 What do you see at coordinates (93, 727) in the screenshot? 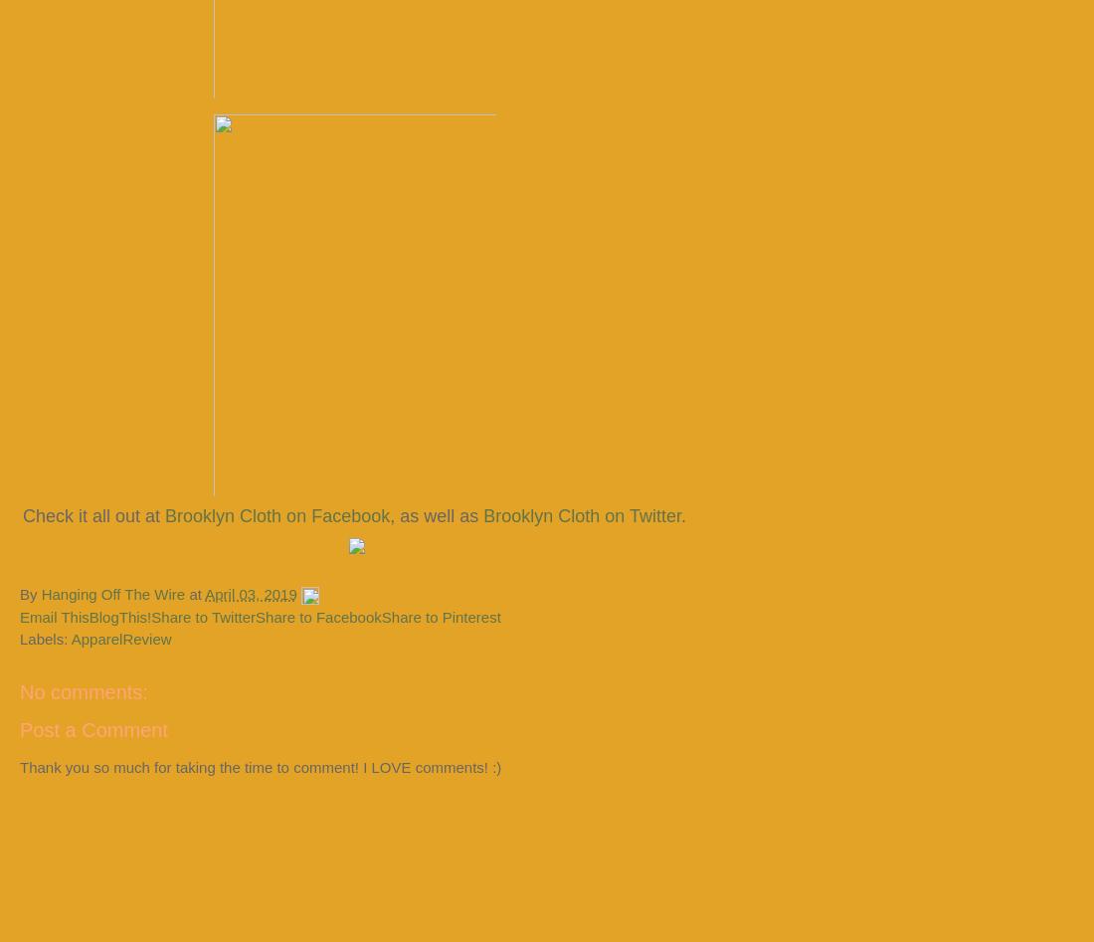
I see `'Post a Comment'` at bounding box center [93, 727].